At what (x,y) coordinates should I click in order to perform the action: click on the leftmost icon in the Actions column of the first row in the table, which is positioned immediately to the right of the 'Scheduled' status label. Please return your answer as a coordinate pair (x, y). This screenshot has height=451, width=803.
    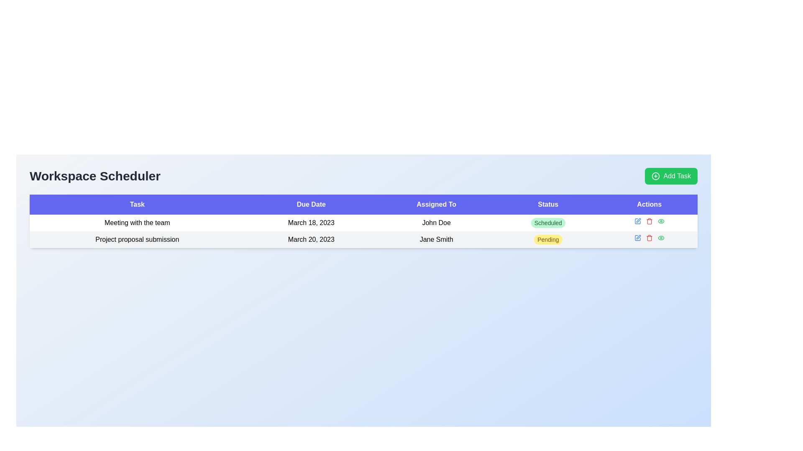
    Looking at the image, I should click on (637, 238).